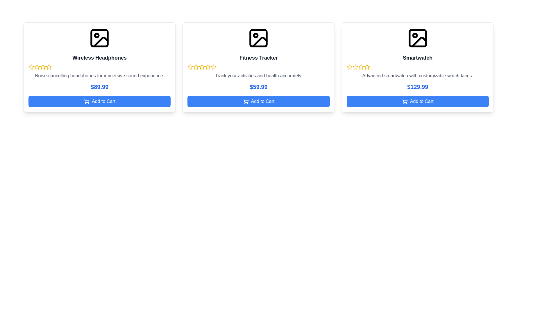 The width and height of the screenshot is (558, 314). What do you see at coordinates (349, 67) in the screenshot?
I see `the first yellow star icon in the horizontal rating system for the Smartwatch product, located below the heading and above the product description` at bounding box center [349, 67].